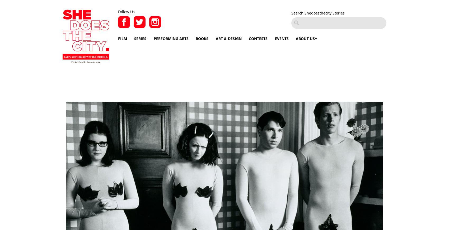 The height and width of the screenshot is (230, 449). What do you see at coordinates (85, 56) in the screenshot?
I see `'Every story has power and purpose.'` at bounding box center [85, 56].